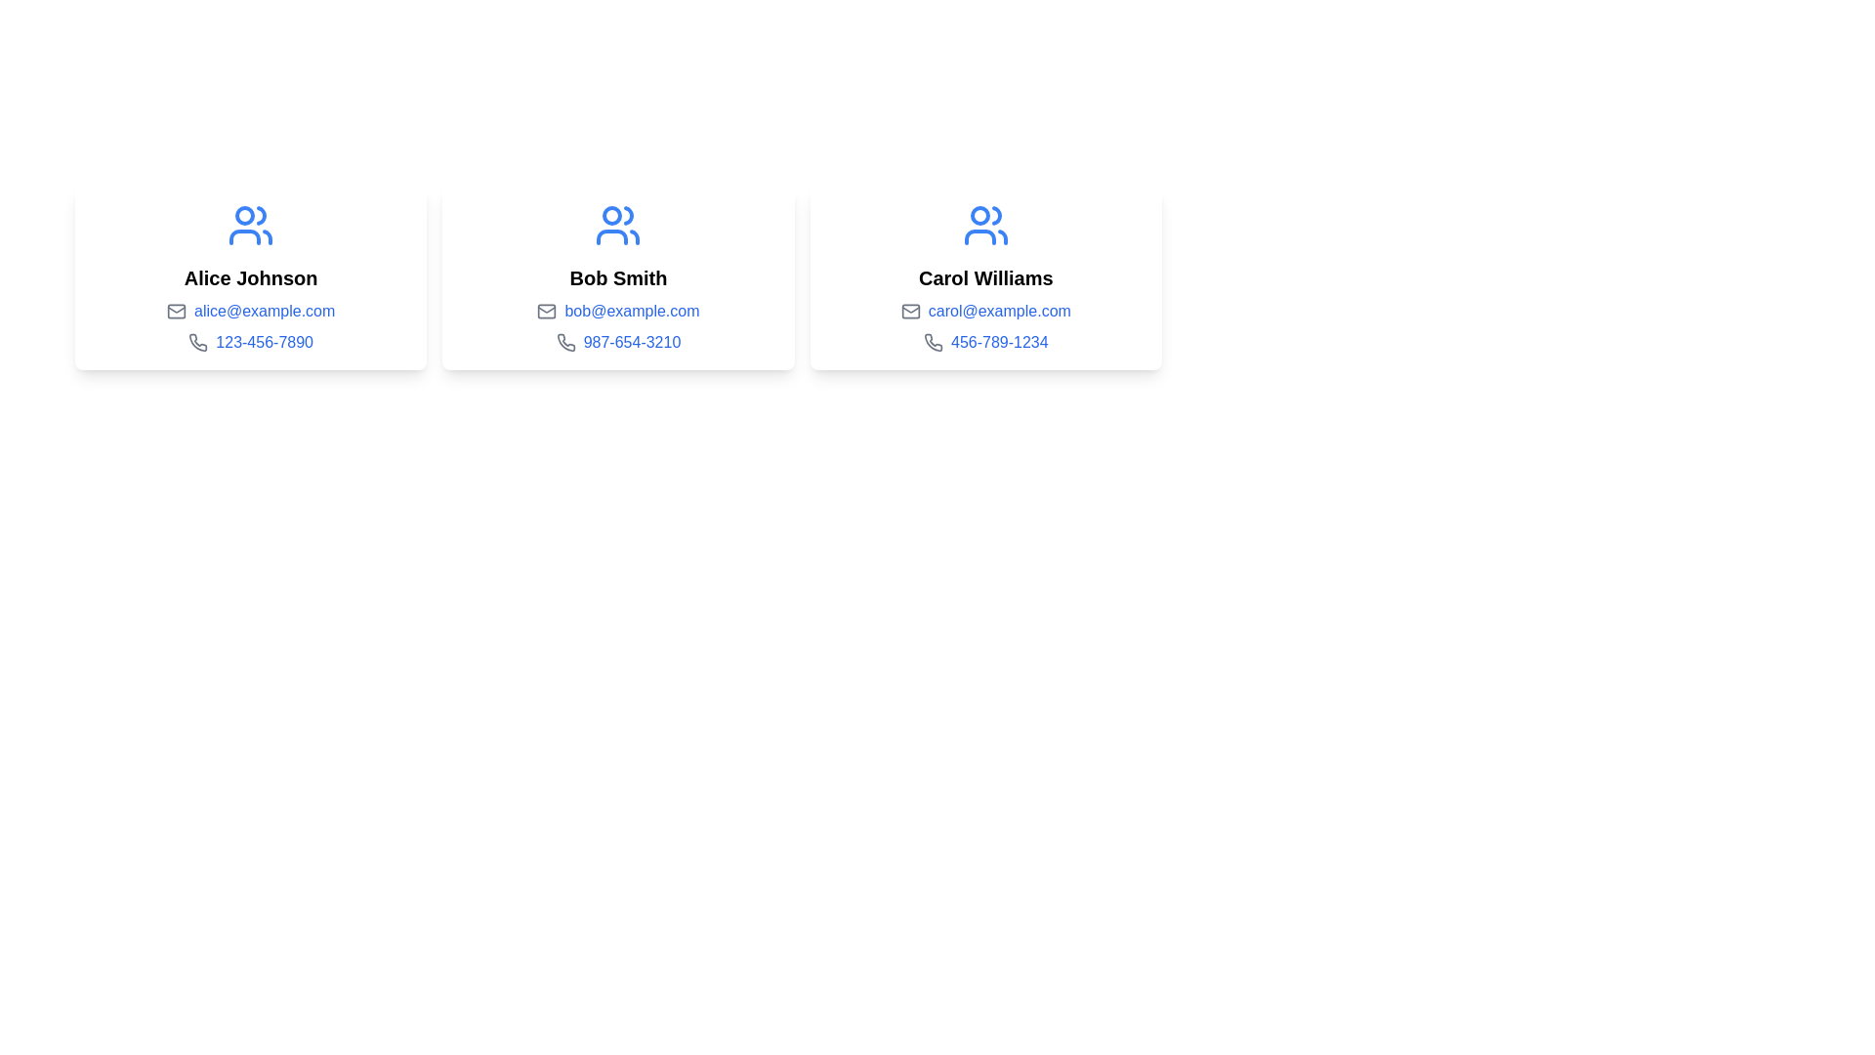 This screenshot has width=1875, height=1055. I want to click on the hyperlink for 'carol@example.com' located, so click(999, 311).